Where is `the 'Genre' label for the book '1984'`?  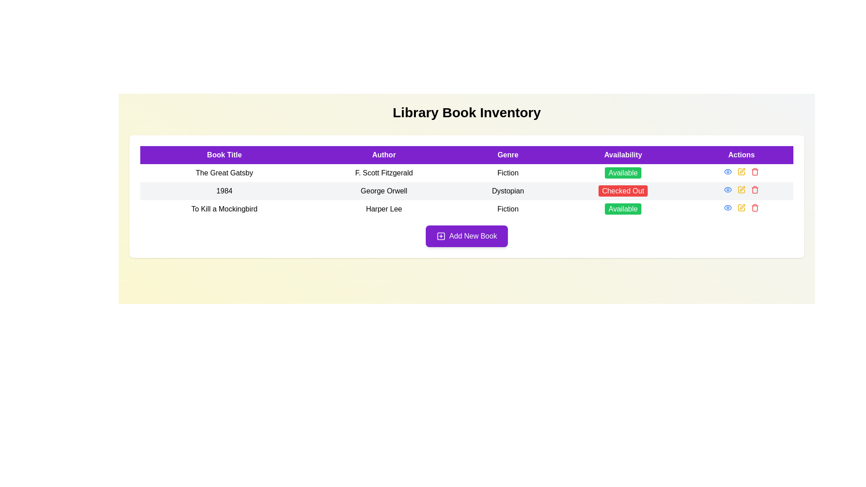 the 'Genre' label for the book '1984' is located at coordinates (508, 191).